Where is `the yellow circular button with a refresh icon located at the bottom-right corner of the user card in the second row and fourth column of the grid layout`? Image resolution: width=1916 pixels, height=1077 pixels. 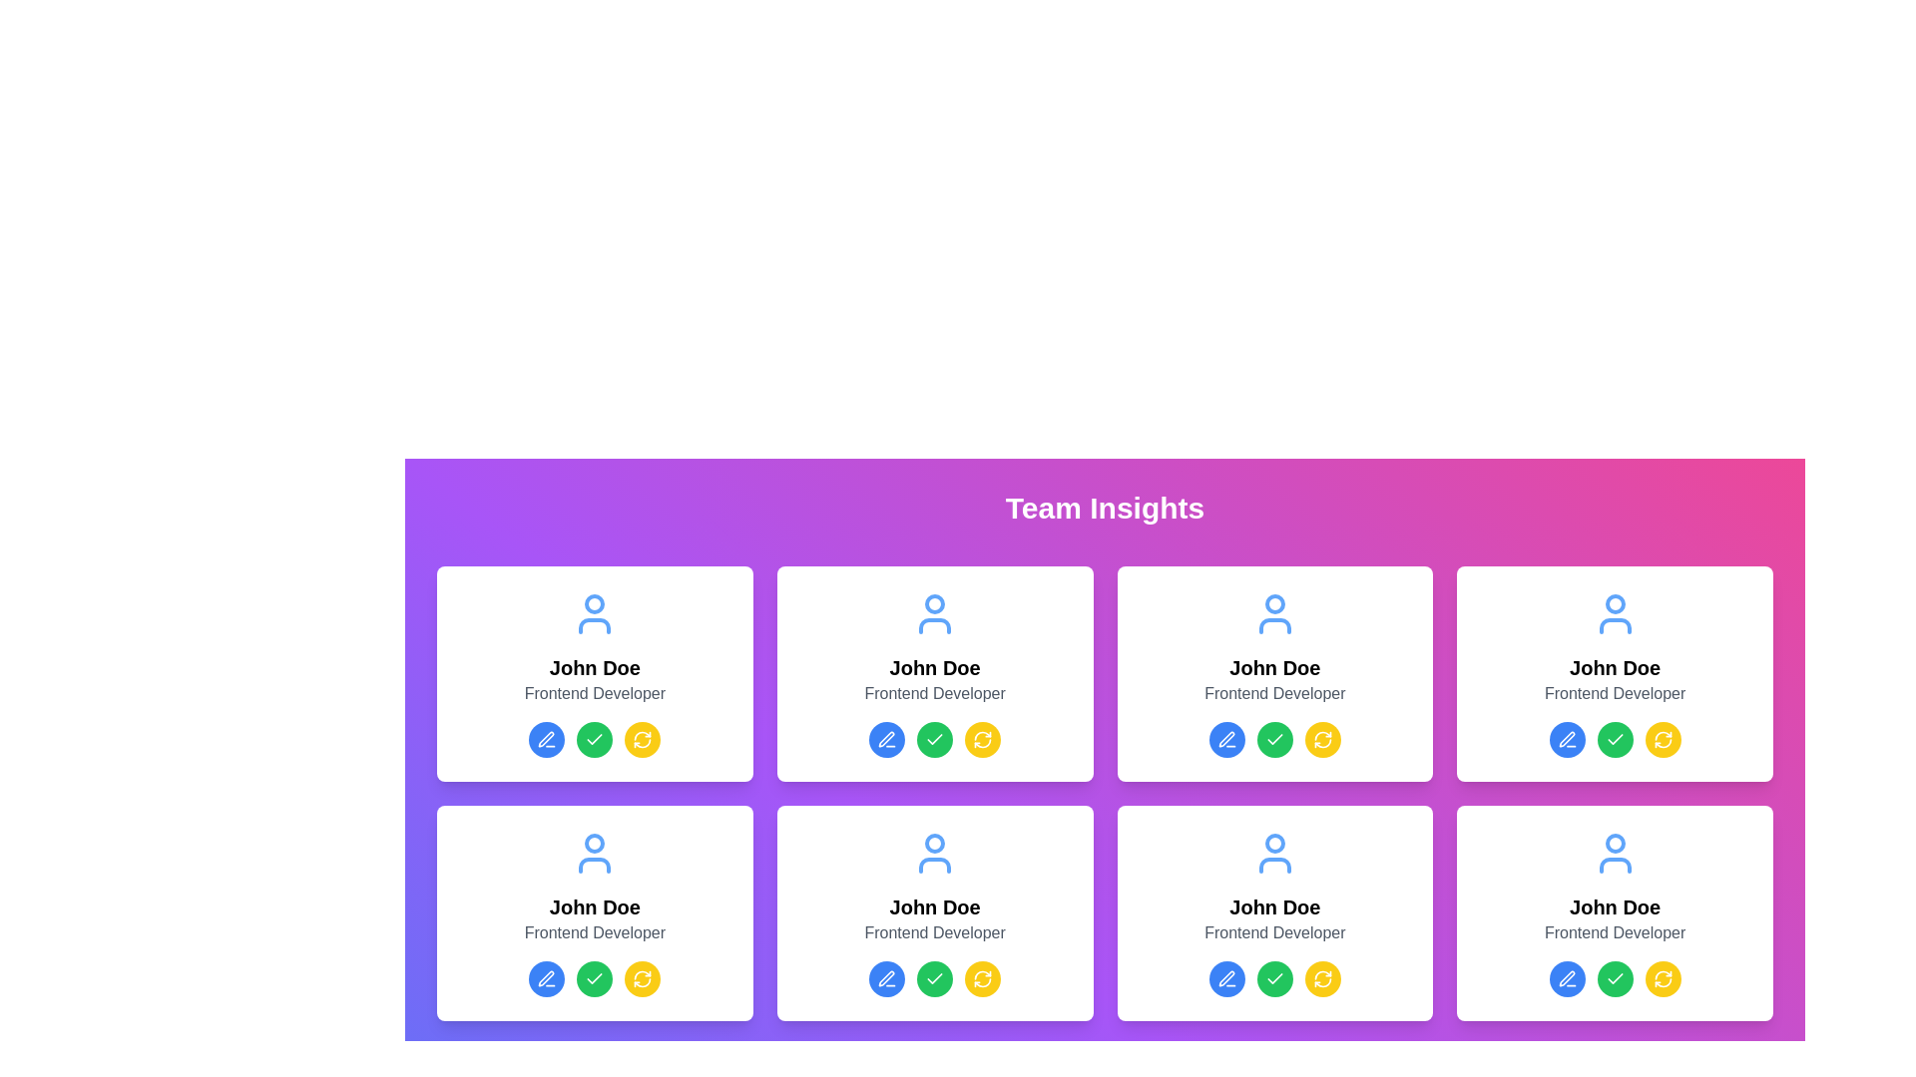
the yellow circular button with a refresh icon located at the bottom-right corner of the user card in the second row and fourth column of the grid layout is located at coordinates (1322, 739).